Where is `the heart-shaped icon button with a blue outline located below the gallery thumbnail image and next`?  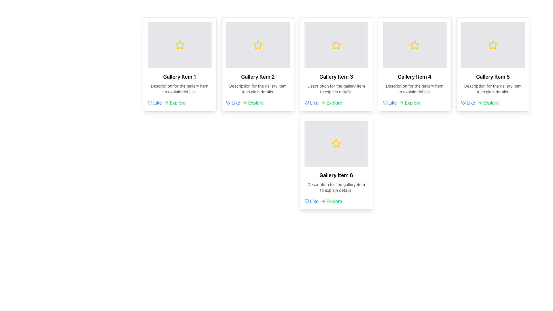
the heart-shaped icon button with a blue outline located below the gallery thumbnail image and next is located at coordinates (150, 103).